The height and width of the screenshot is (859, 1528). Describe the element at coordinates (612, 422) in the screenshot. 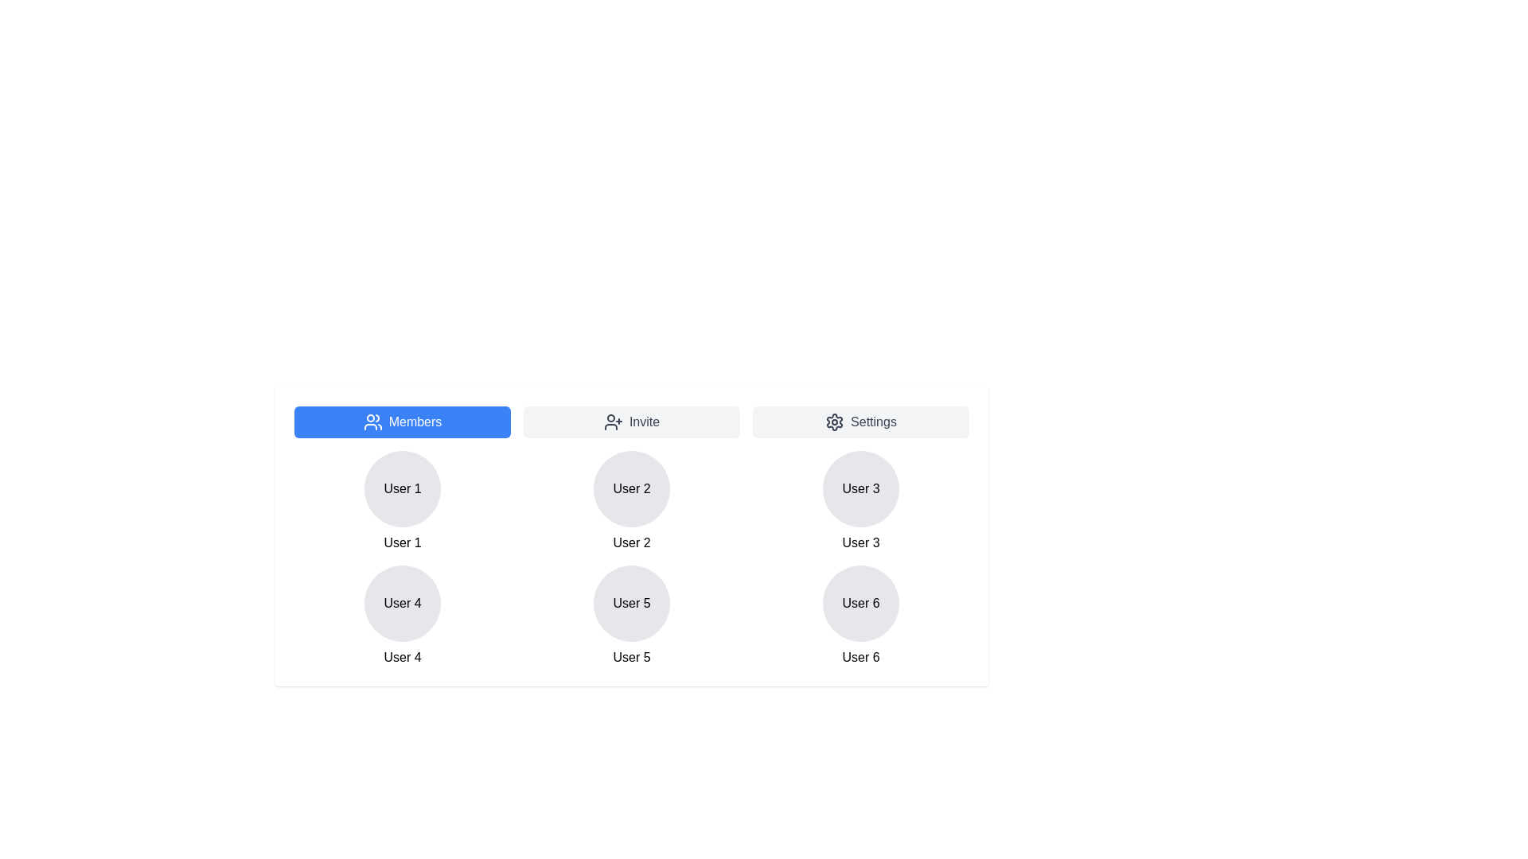

I see `the icon representing a plus sign adjacent to a user profile silhouette, located within the 'Invite' button, positioned between 'Members' and 'Settings' buttons` at that location.